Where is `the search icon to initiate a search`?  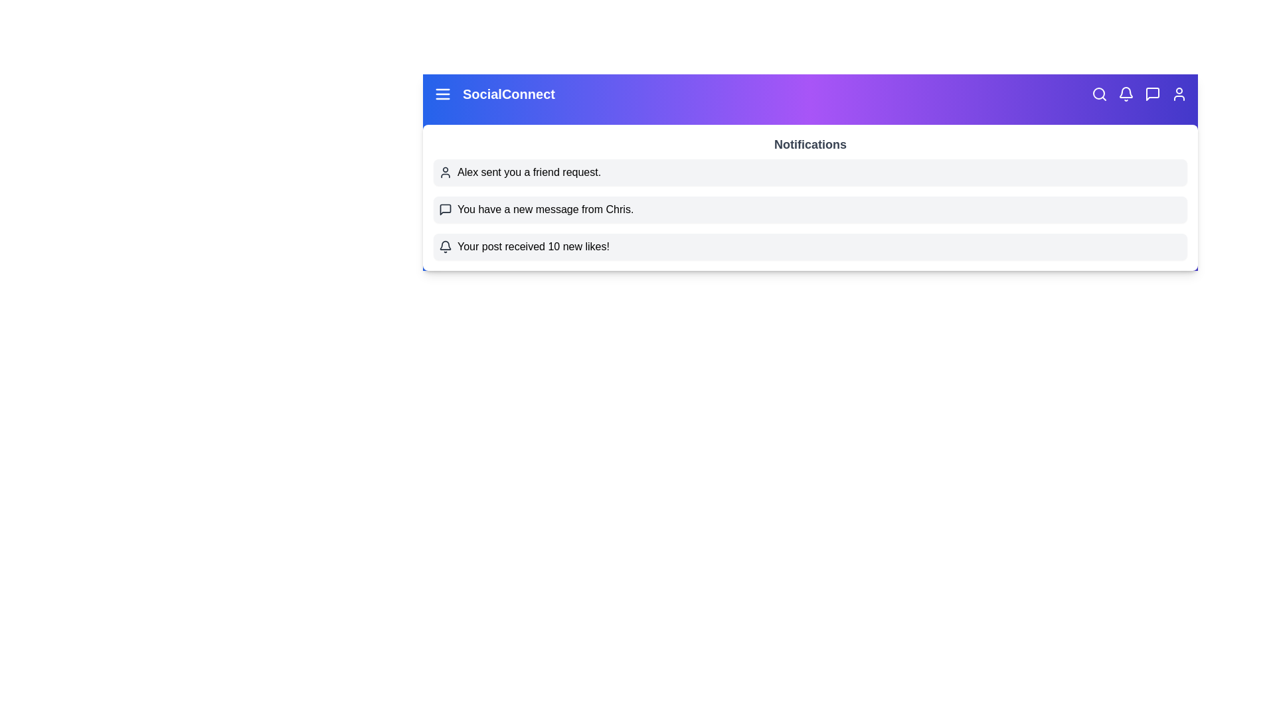
the search icon to initiate a search is located at coordinates (1100, 94).